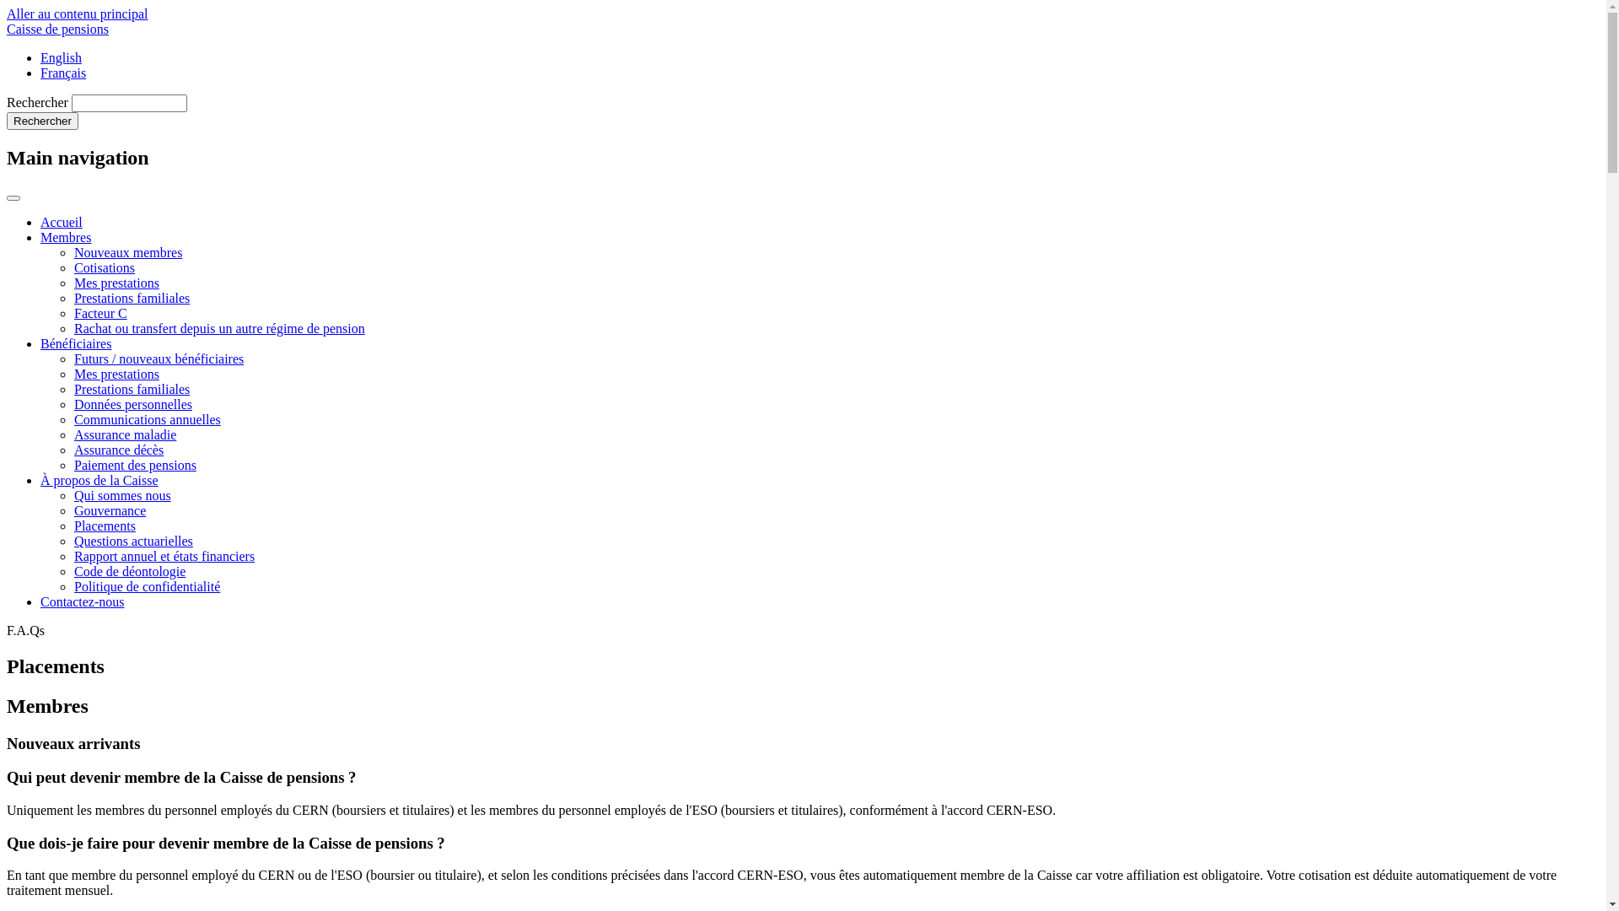  I want to click on 'Gouvernance', so click(109, 509).